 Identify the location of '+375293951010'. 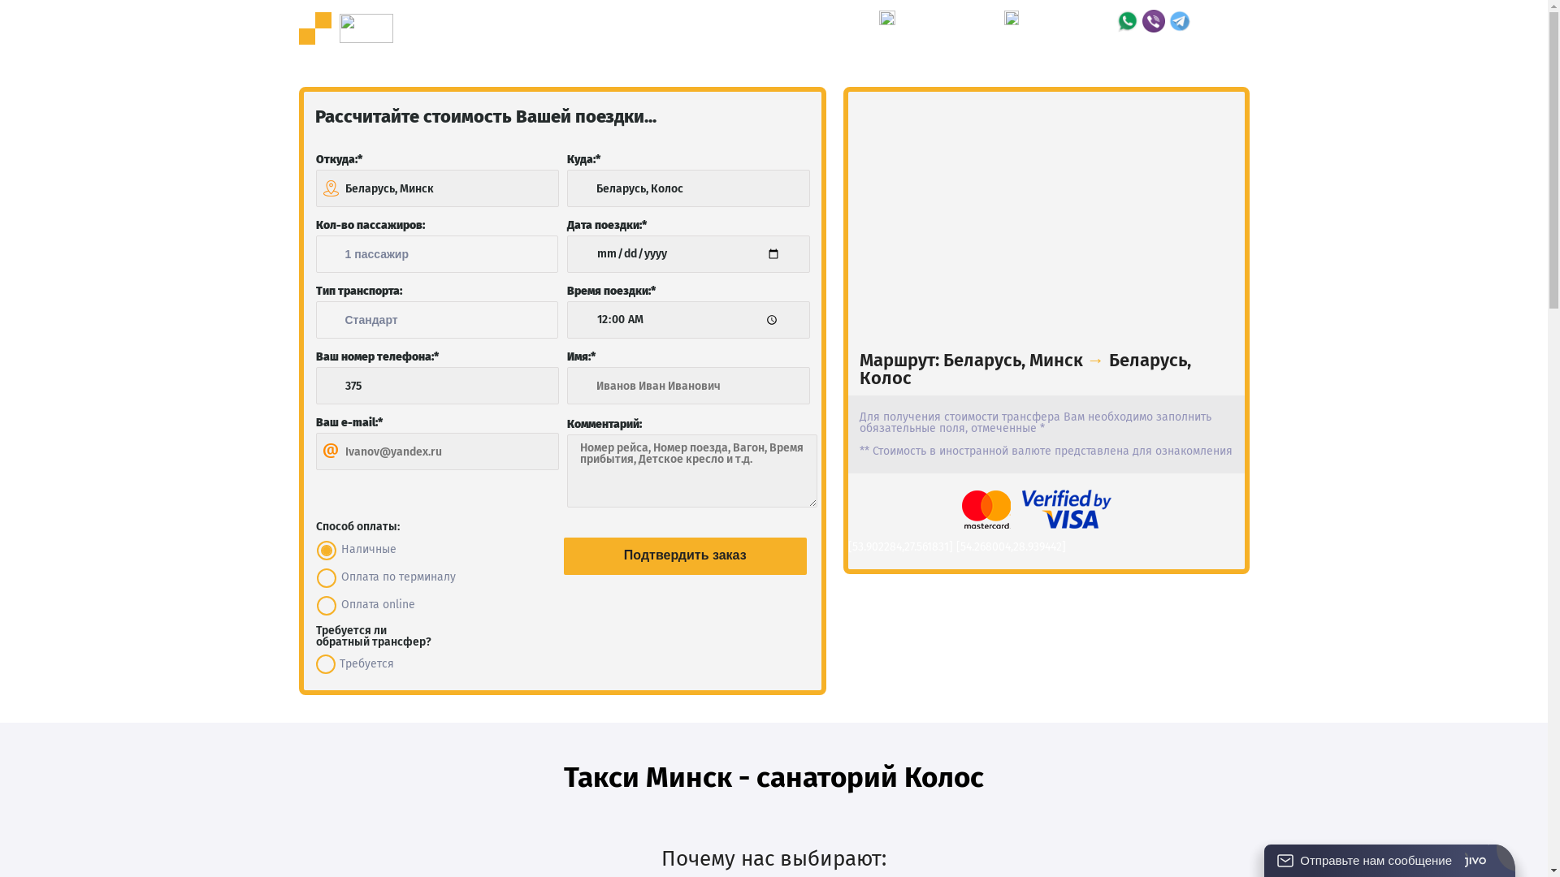
(1069, 28).